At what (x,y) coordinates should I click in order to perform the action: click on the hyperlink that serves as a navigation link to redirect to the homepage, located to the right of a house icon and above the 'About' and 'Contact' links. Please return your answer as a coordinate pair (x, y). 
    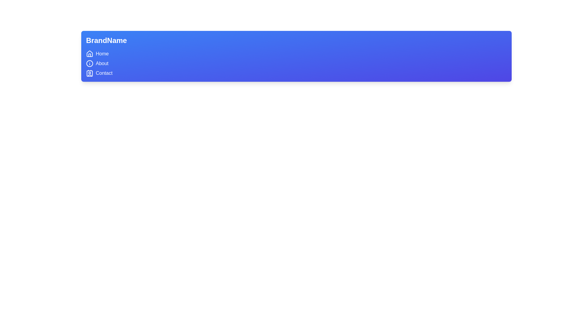
    Looking at the image, I should click on (102, 53).